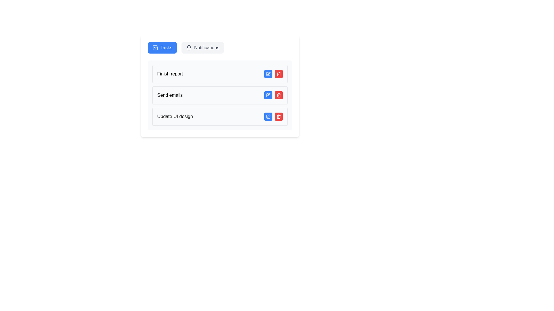 This screenshot has width=554, height=311. What do you see at coordinates (220, 117) in the screenshot?
I see `the list item displaying 'Update UI design' with action buttons` at bounding box center [220, 117].